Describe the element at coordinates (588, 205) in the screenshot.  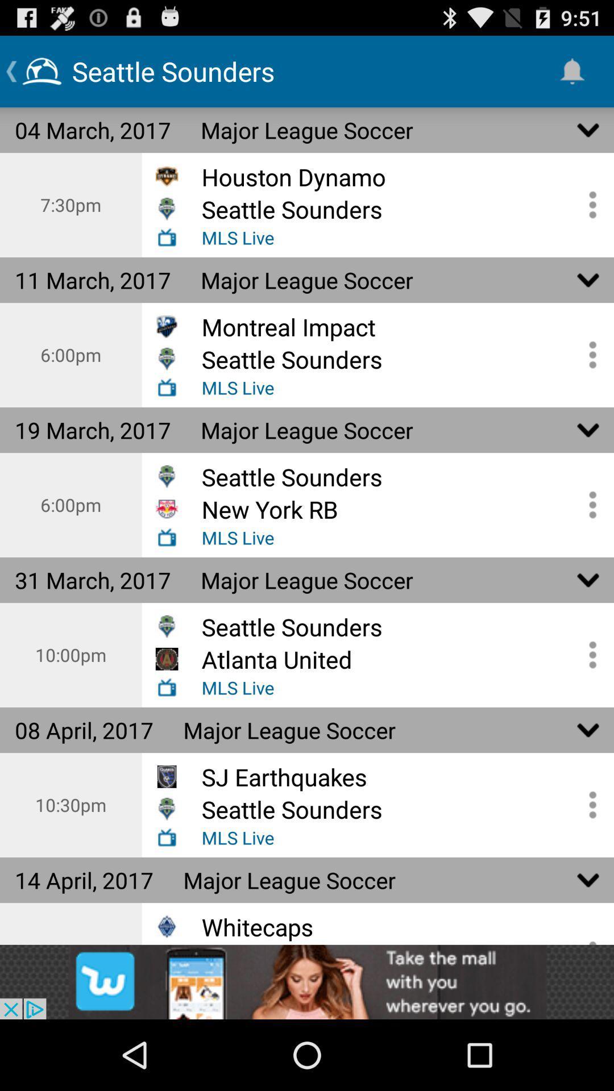
I see `open the options` at that location.